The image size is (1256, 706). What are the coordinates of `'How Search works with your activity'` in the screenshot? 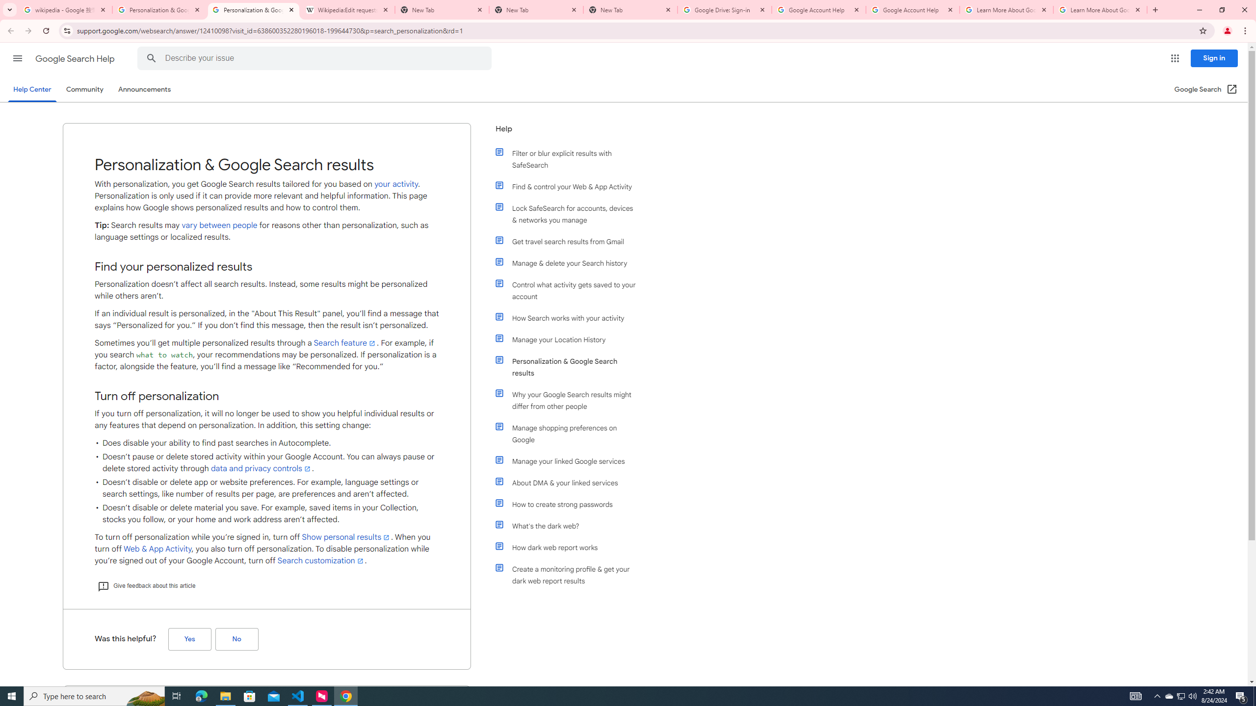 It's located at (570, 317).